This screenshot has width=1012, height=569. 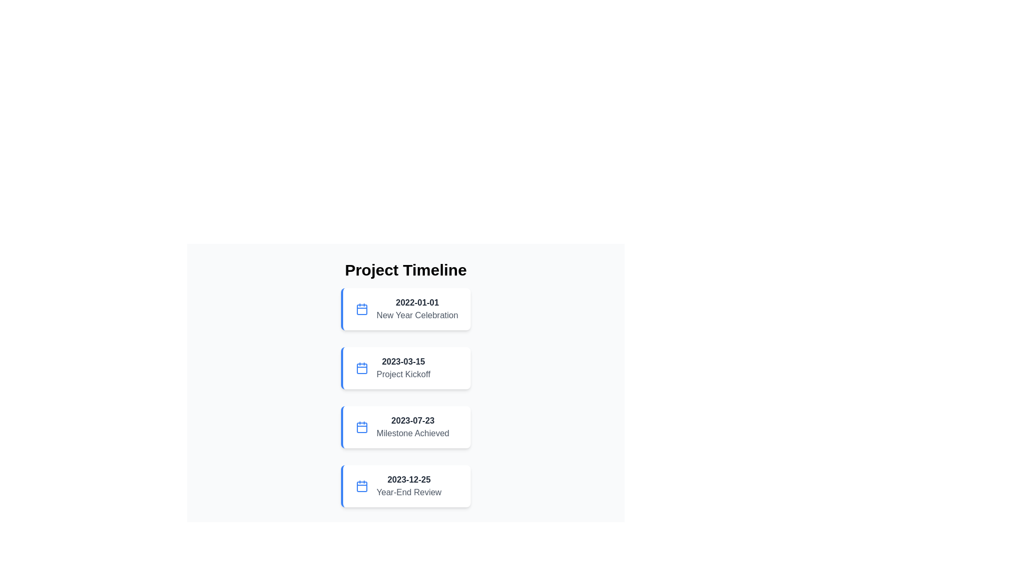 What do you see at coordinates (362, 486) in the screenshot?
I see `the calendar icon, which is a rounded rectangle with a blue outline, located to the left of the '2023-12-25 Year-End Review' text in the 'Project Timeline' list` at bounding box center [362, 486].